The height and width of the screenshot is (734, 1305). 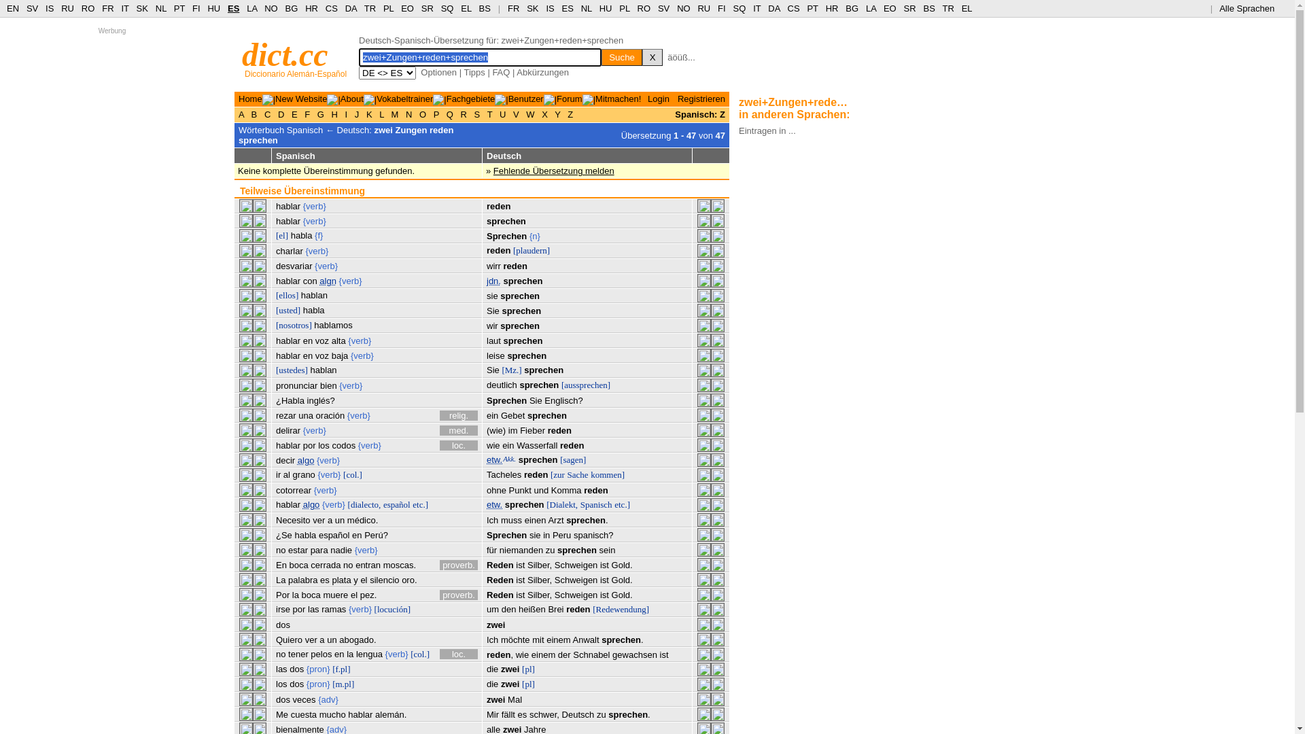 What do you see at coordinates (509, 668) in the screenshot?
I see `'zwei'` at bounding box center [509, 668].